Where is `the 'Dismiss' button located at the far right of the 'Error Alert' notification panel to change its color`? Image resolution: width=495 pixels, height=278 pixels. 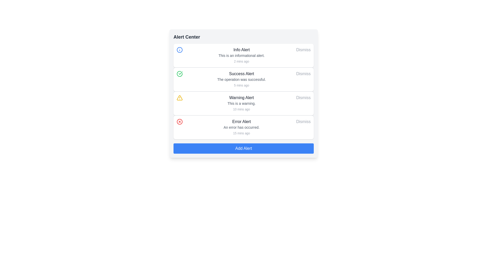
the 'Dismiss' button located at the far right of the 'Error Alert' notification panel to change its color is located at coordinates (303, 122).